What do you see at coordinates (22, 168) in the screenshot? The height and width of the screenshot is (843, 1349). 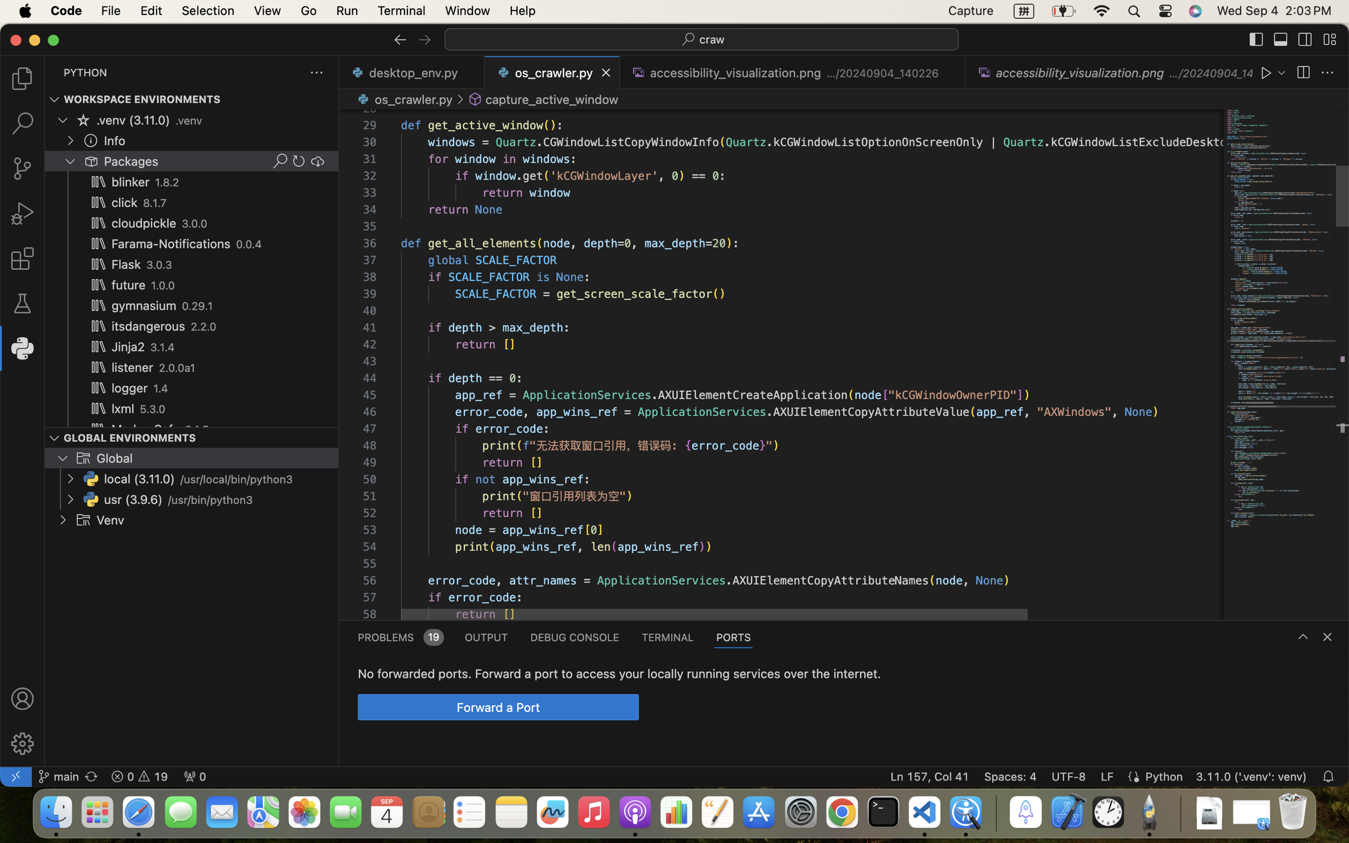 I see `'0 '` at bounding box center [22, 168].